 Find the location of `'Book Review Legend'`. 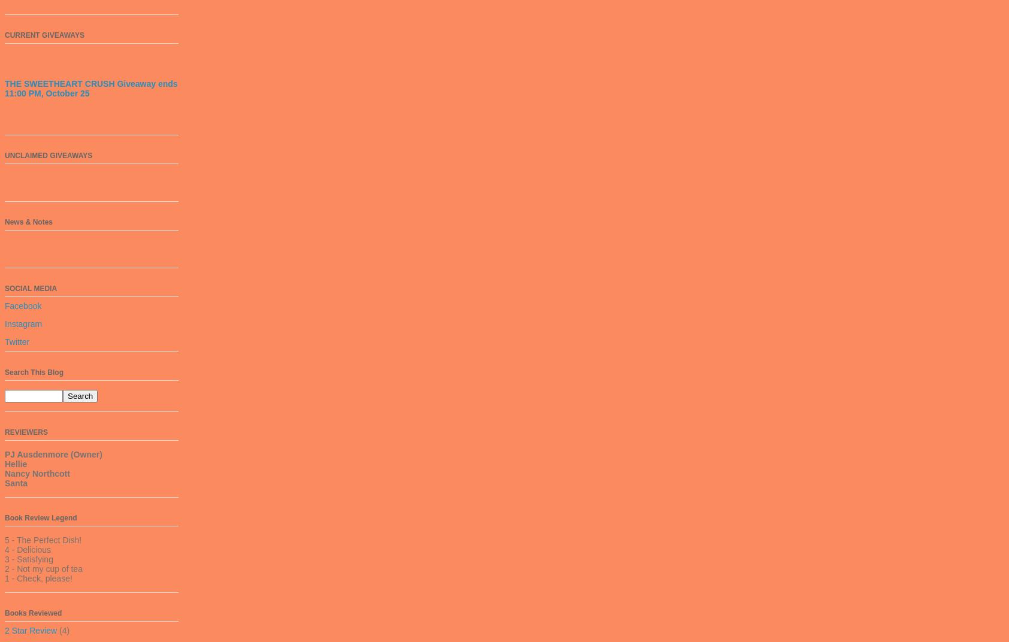

'Book Review Legend' is located at coordinates (40, 517).